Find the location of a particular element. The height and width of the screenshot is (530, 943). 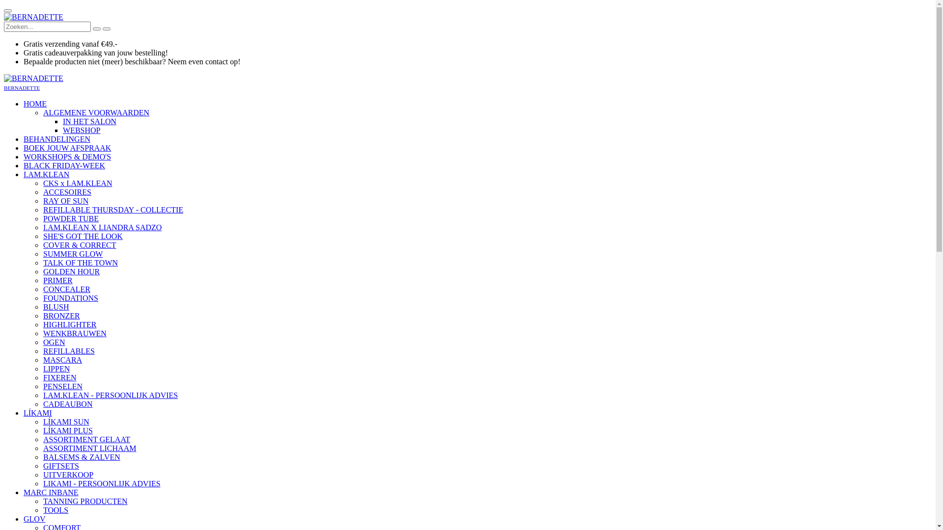

'ALGEMENE VOORWAARDEN' is located at coordinates (96, 112).